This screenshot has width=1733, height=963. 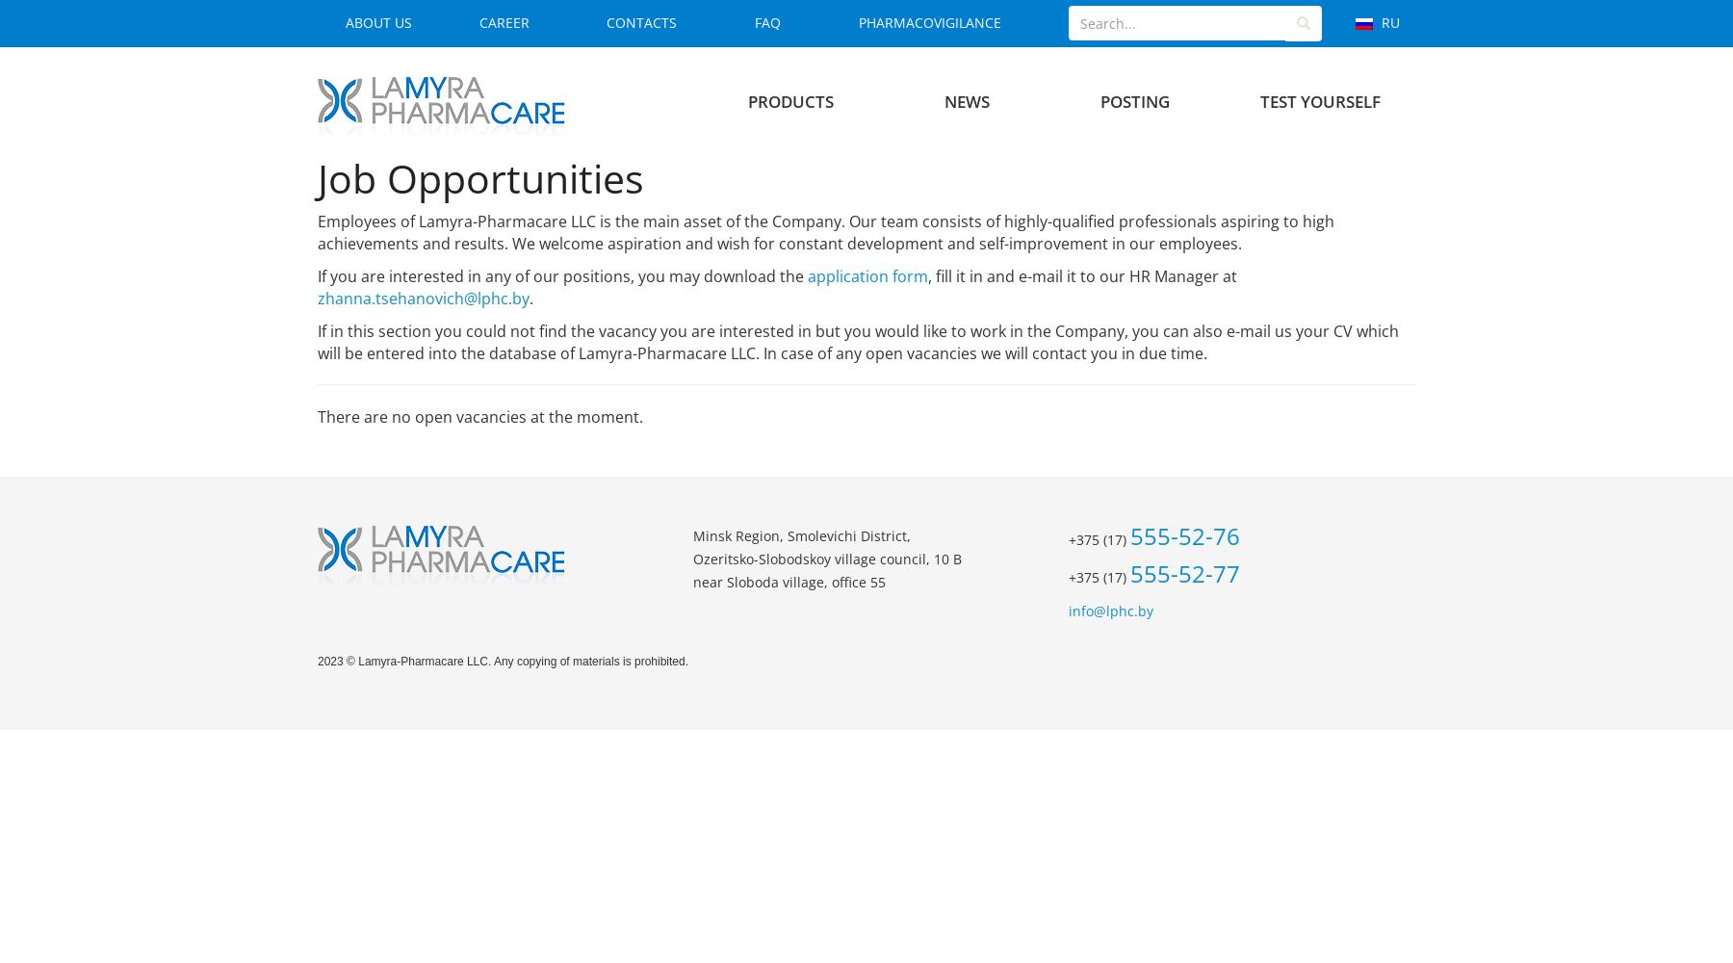 What do you see at coordinates (826, 231) in the screenshot?
I see `'Employees of Lamyra-Pharmacare LLC is the main asset of the Company. Our team consists of highly-qualified professionals aspiring to high achievements and results. We welcome aspiration and wish for constant development and self-improvement in our employees.'` at bounding box center [826, 231].